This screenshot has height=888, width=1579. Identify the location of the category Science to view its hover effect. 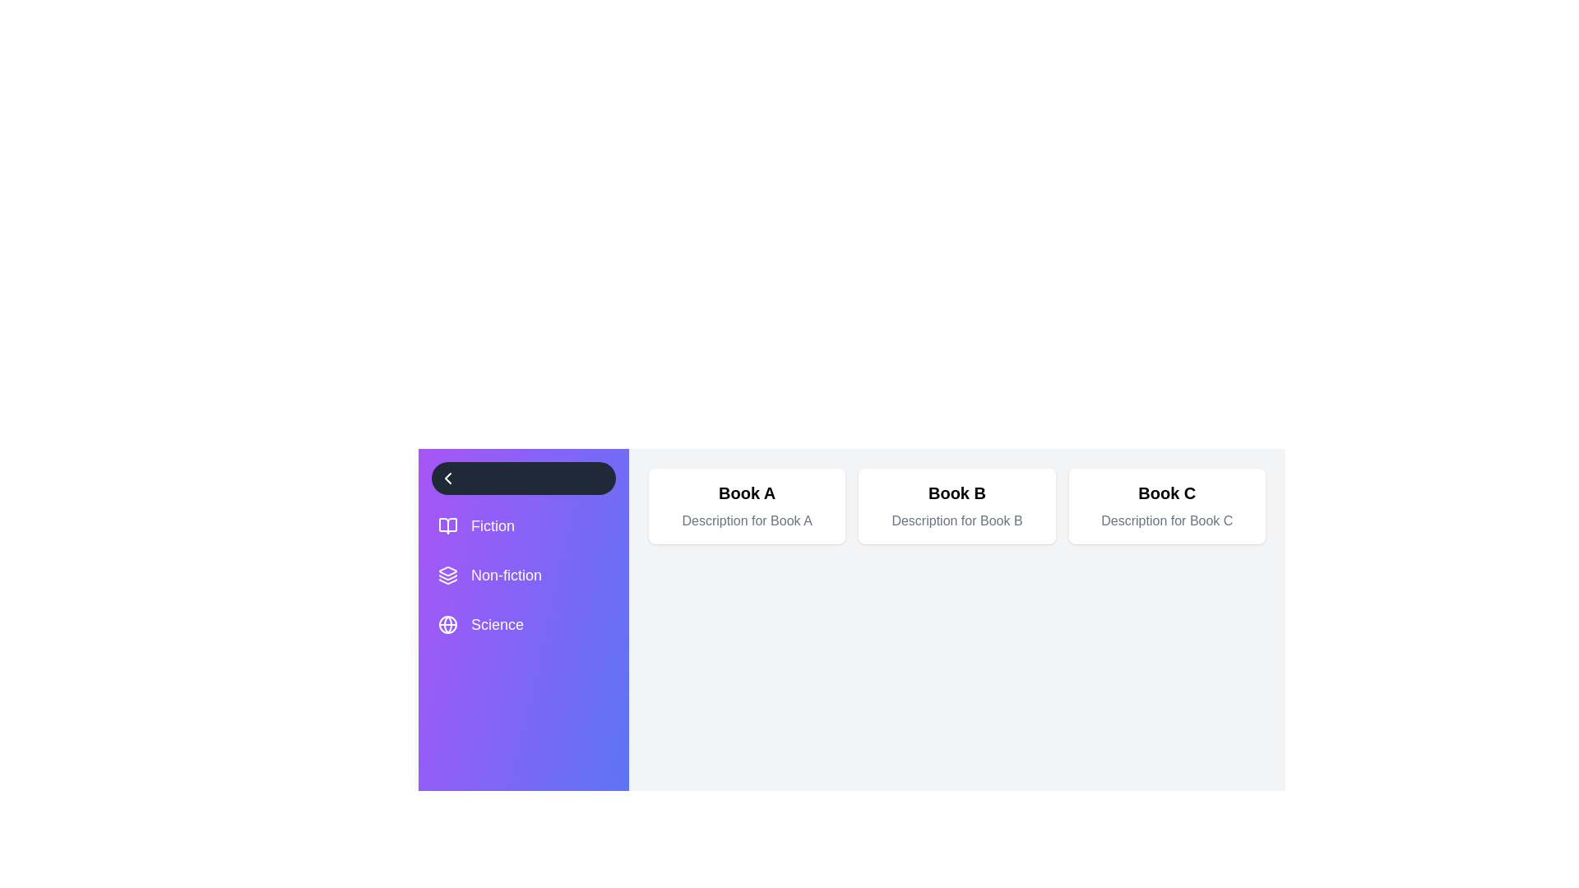
(523, 624).